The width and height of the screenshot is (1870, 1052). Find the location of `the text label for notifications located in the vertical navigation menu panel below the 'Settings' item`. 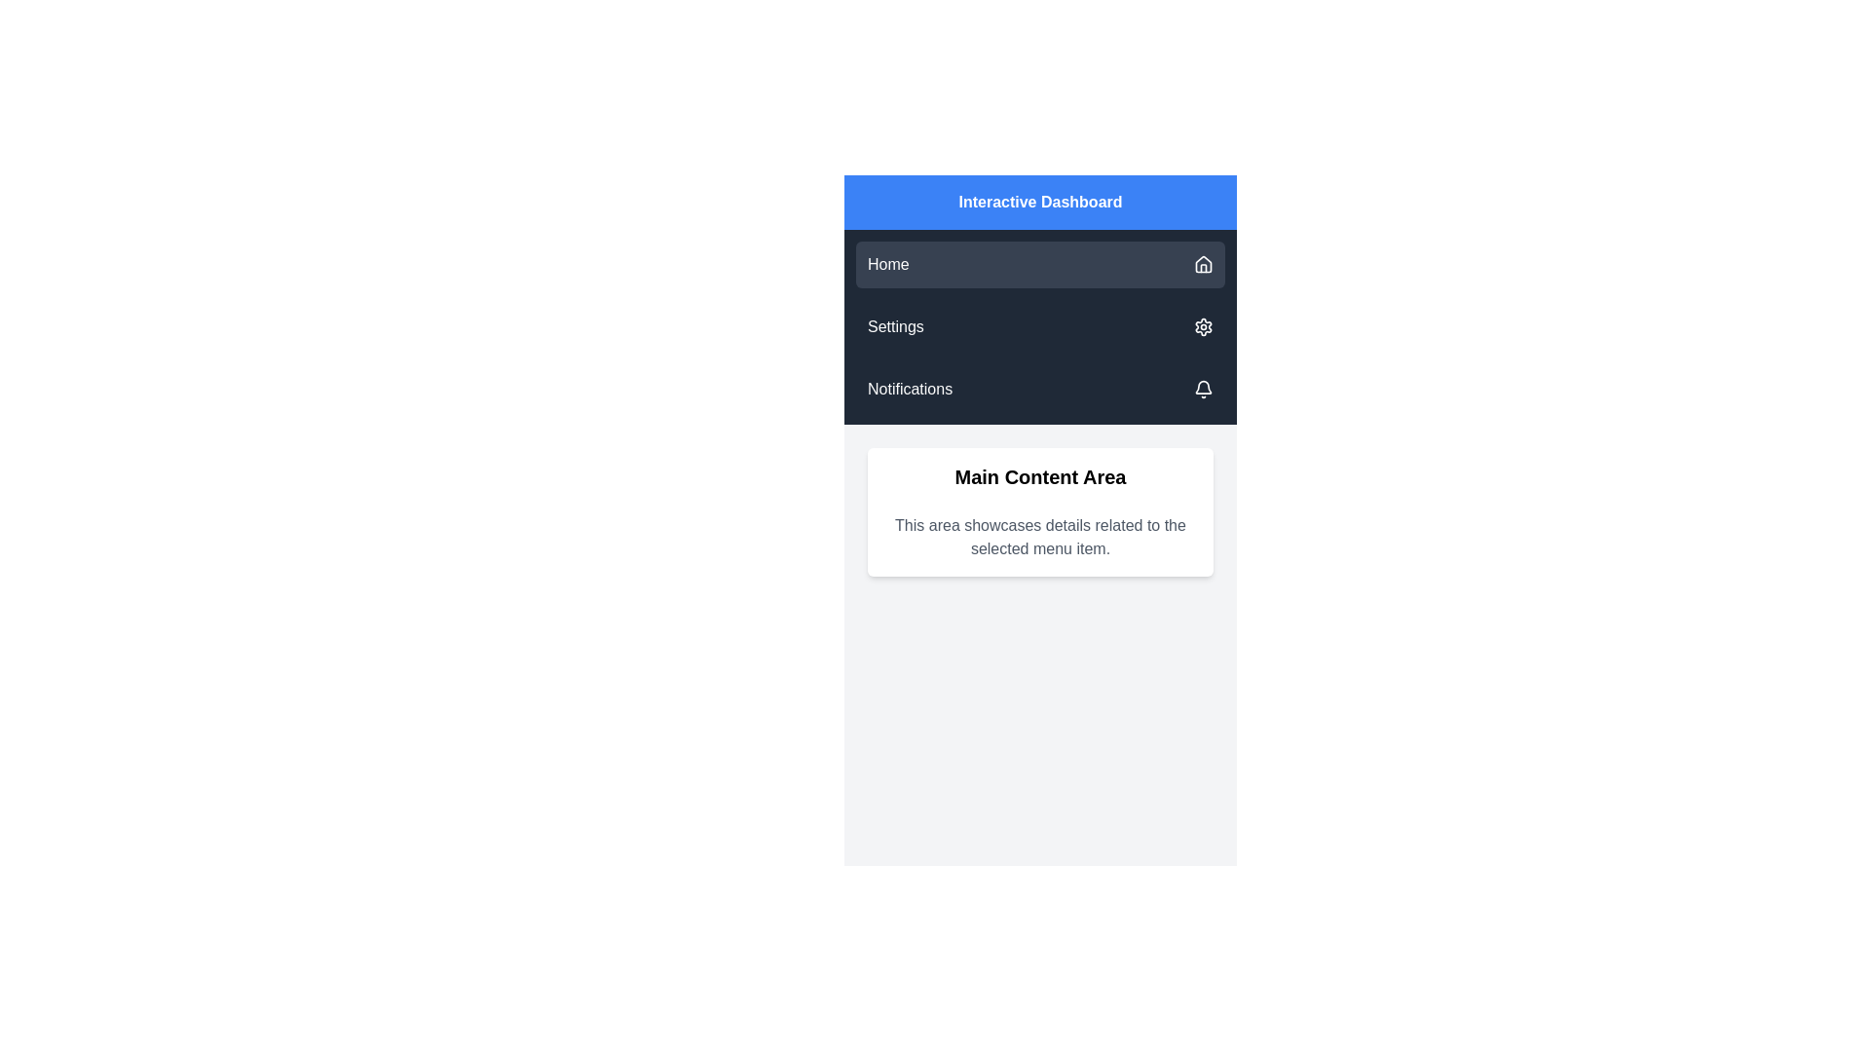

the text label for notifications located in the vertical navigation menu panel below the 'Settings' item is located at coordinates (909, 390).